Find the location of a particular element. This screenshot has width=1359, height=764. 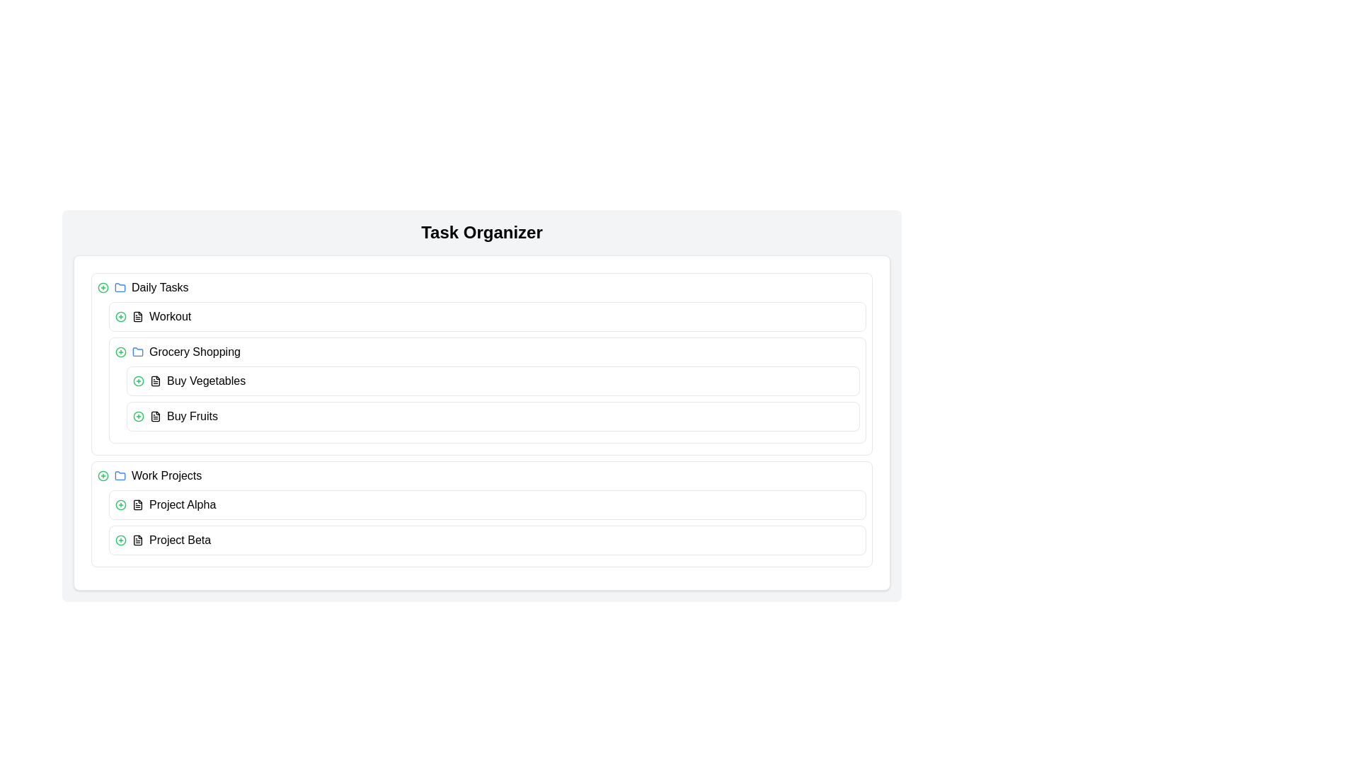

the task entry titled 'Buy Vegetables' within the 'Grocery Shopping' section is located at coordinates (493, 381).